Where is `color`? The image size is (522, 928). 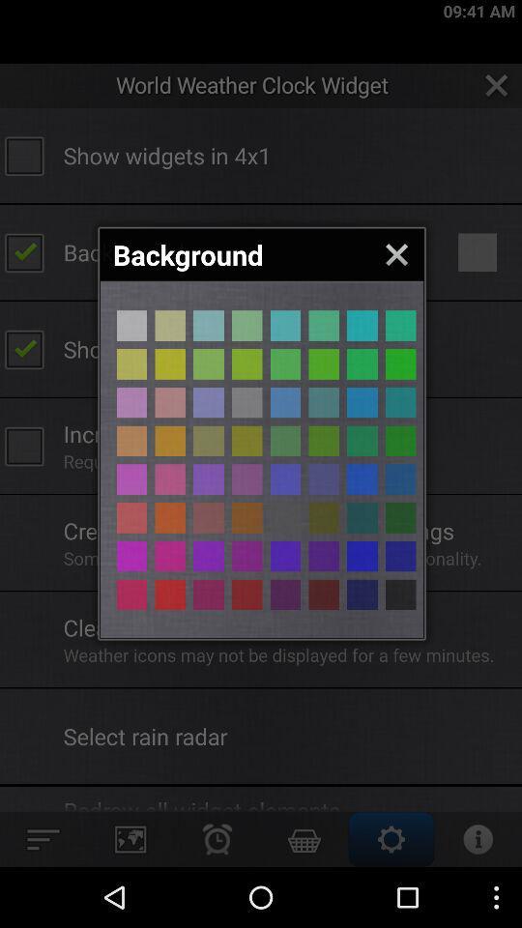 color is located at coordinates (284, 401).